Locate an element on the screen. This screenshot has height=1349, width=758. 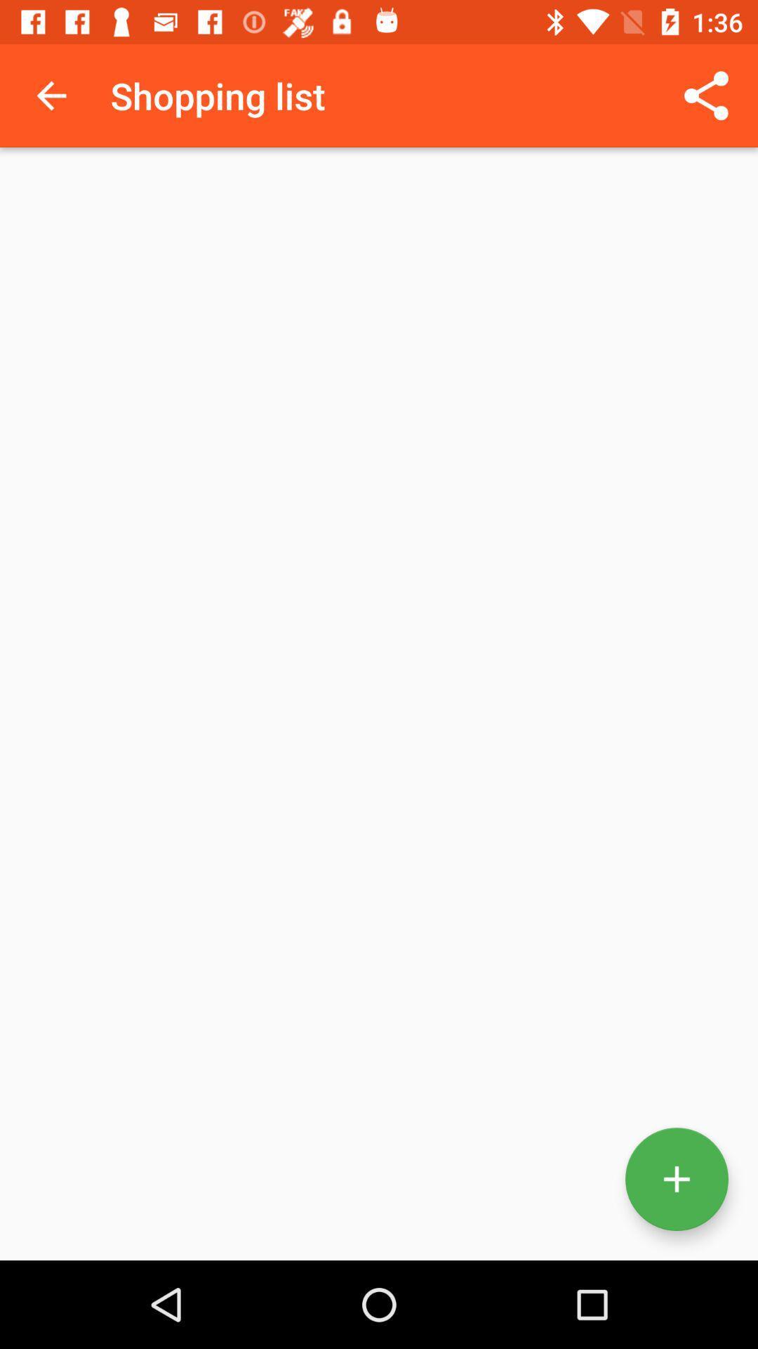
more items is located at coordinates (676, 1179).